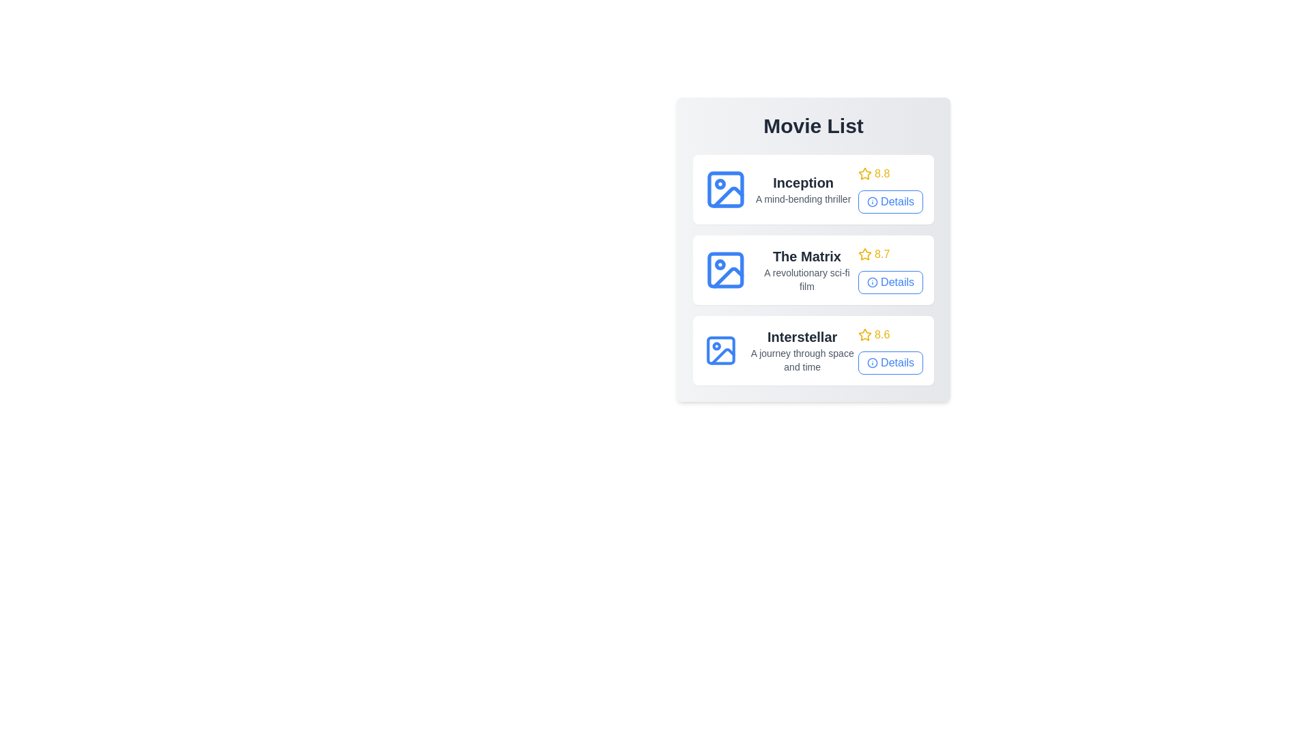  Describe the element at coordinates (890, 281) in the screenshot. I see `the 'Details' button for the movie The Matrix` at that location.